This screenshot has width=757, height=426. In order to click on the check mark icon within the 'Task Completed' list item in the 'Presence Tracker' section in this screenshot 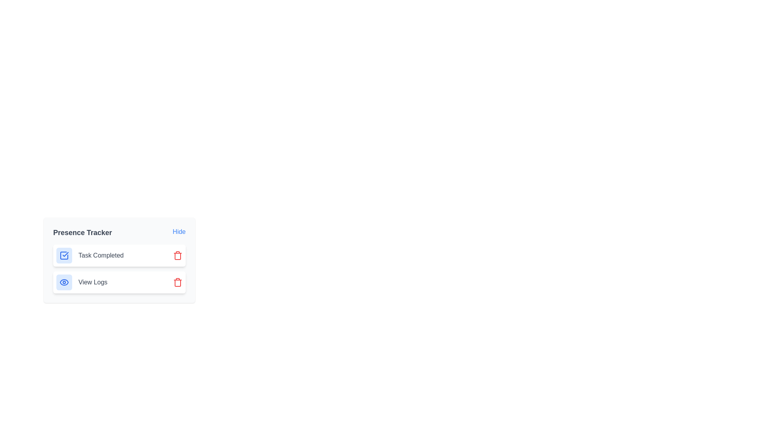, I will do `click(64, 256)`.